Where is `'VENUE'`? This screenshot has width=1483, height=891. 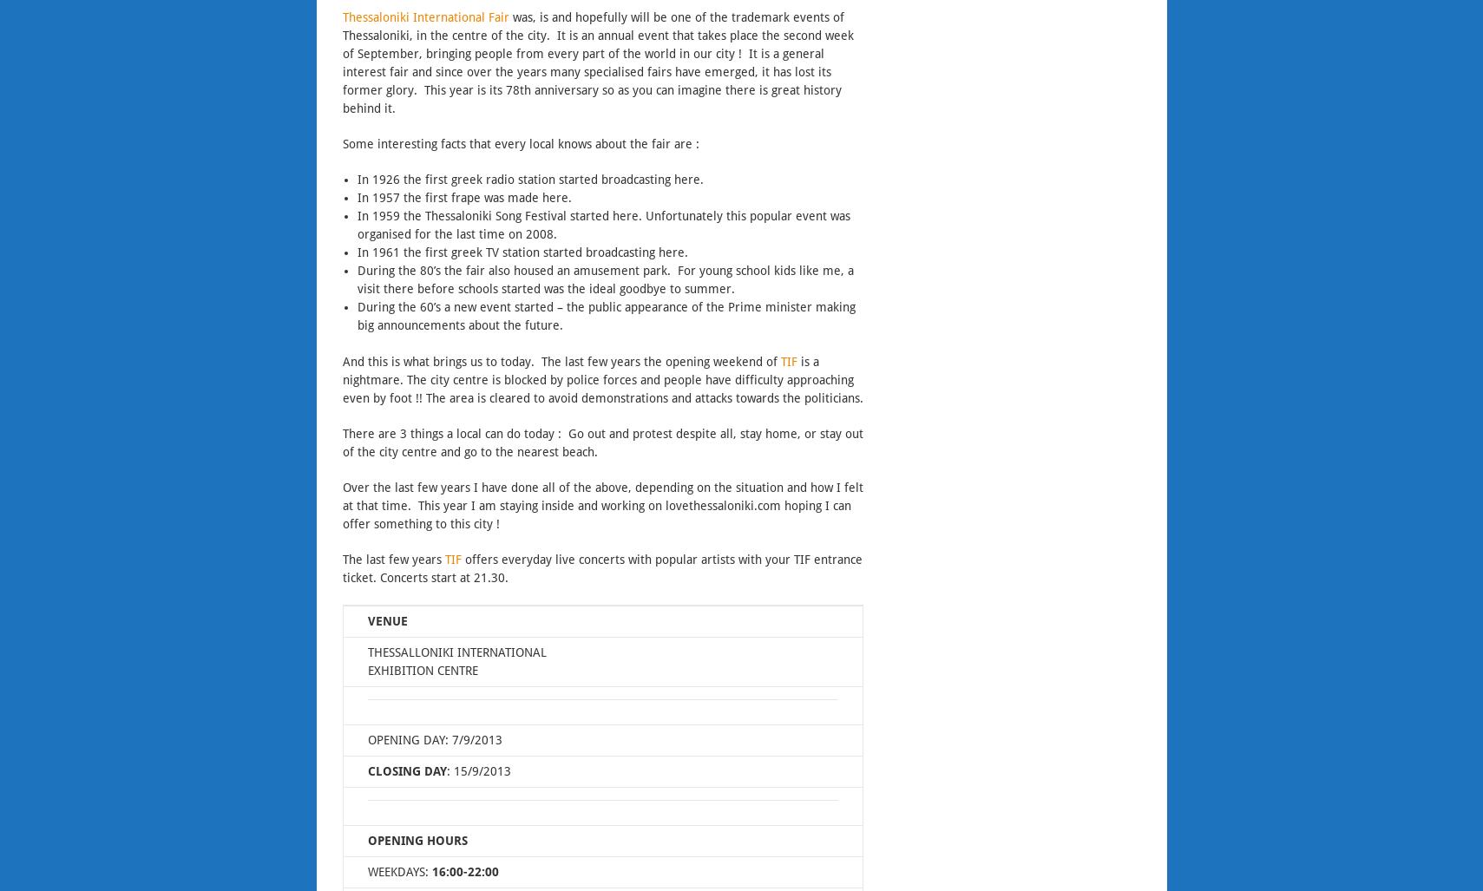
'VENUE' is located at coordinates (386, 621).